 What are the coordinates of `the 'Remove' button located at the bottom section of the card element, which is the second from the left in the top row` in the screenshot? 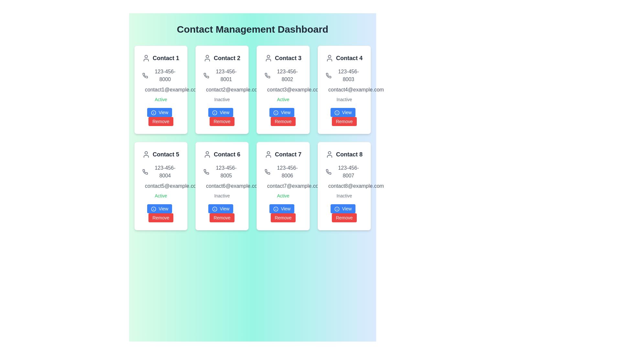 It's located at (222, 121).